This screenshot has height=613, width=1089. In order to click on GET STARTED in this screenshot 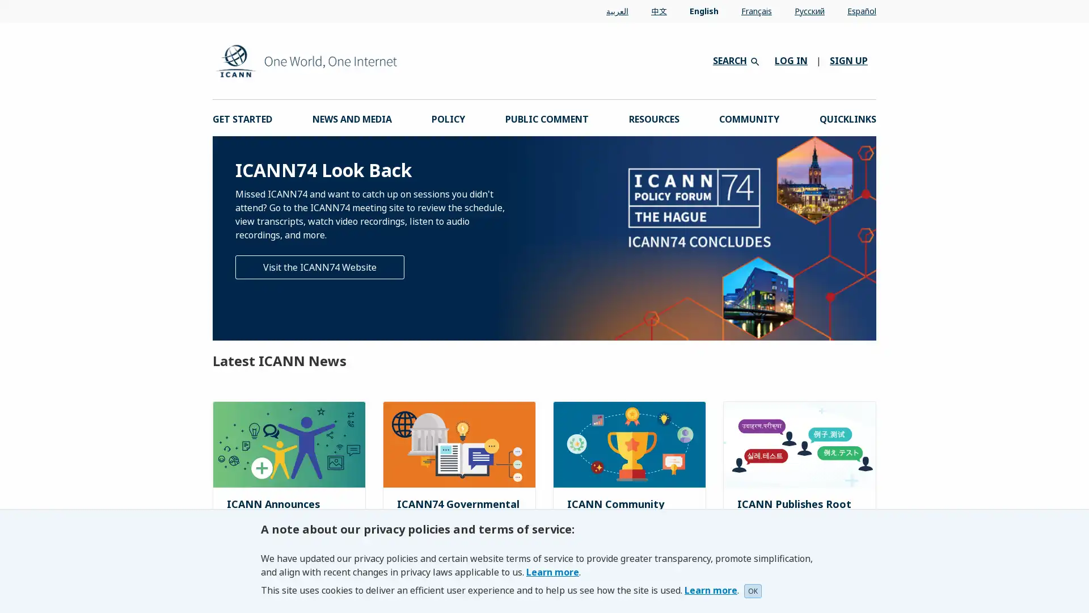, I will do `click(242, 118)`.